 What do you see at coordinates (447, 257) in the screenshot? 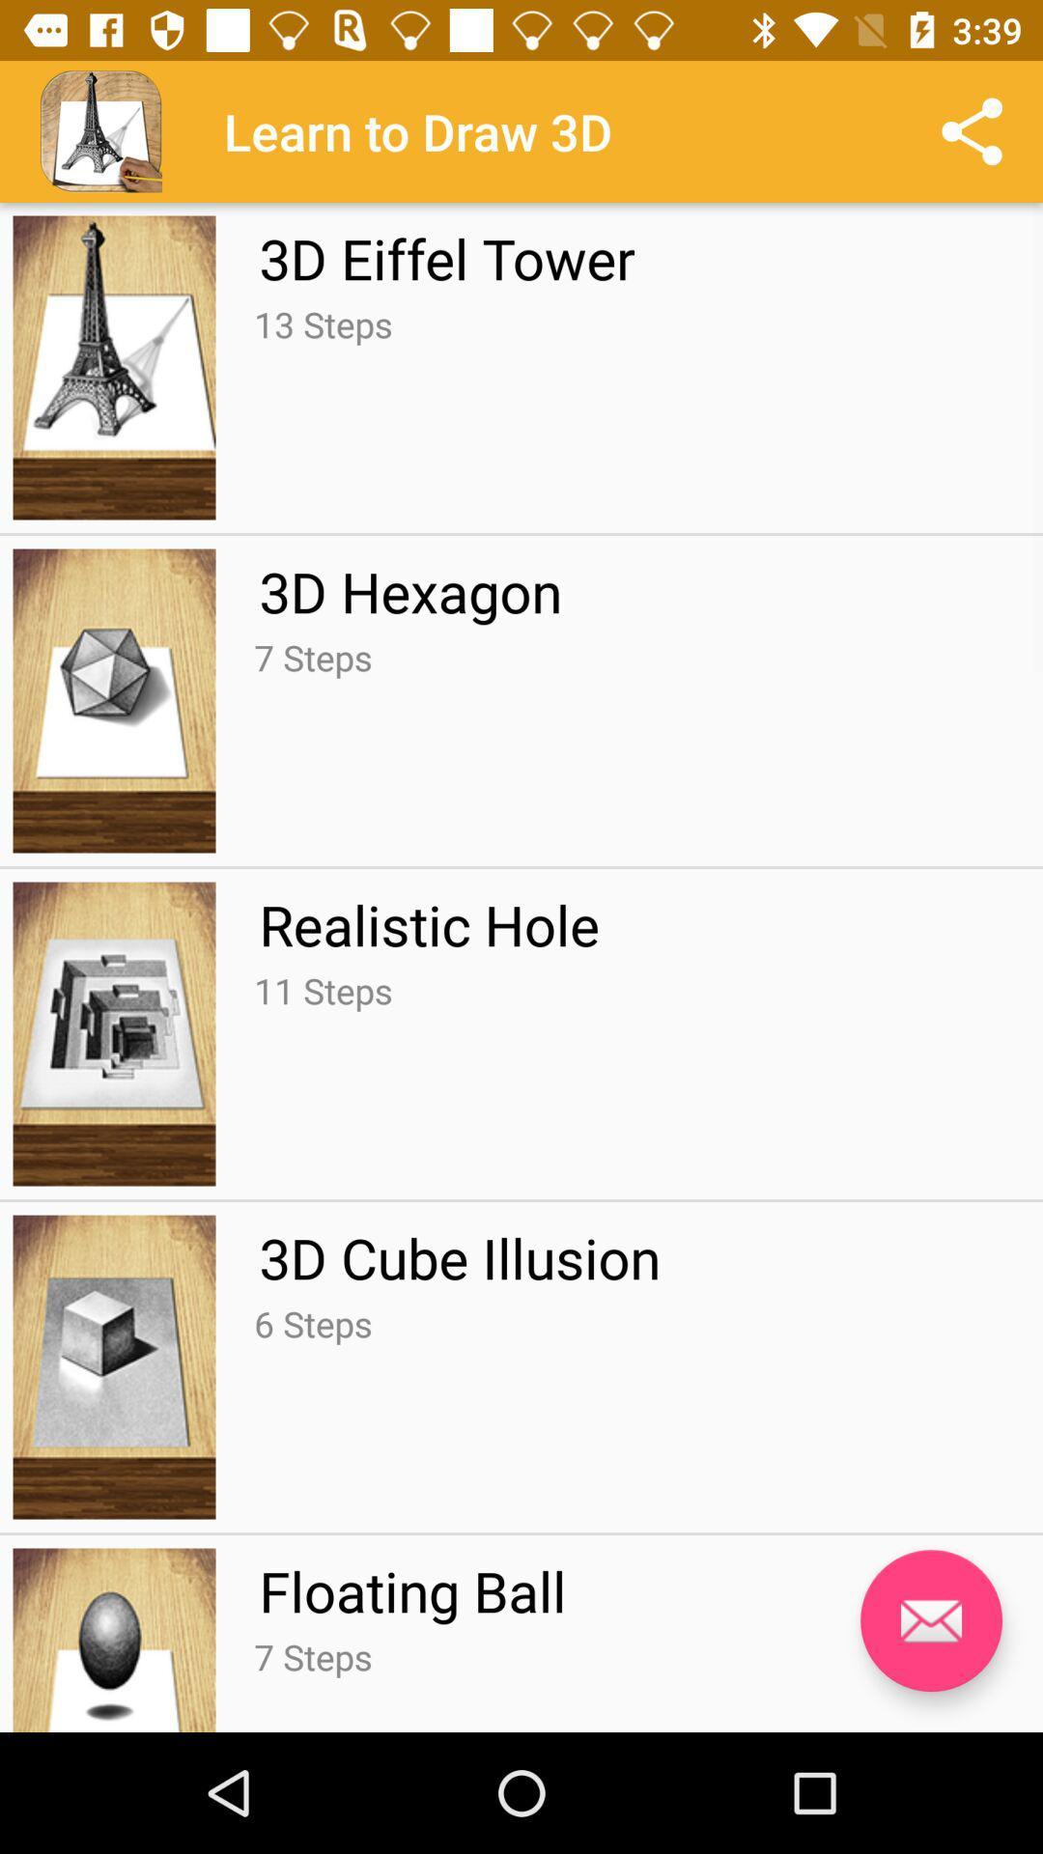
I see `icon below the learn to draw app` at bounding box center [447, 257].